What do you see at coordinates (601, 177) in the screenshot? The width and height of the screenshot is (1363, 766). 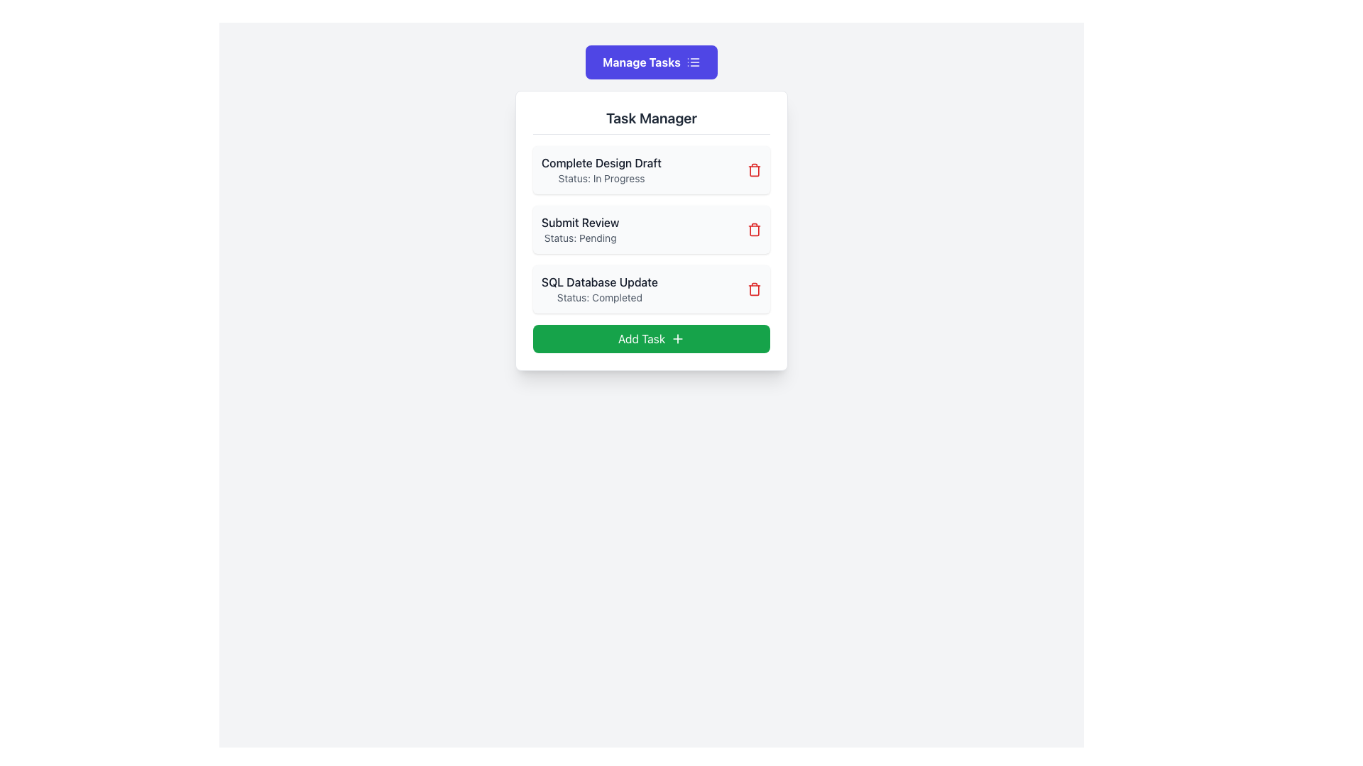 I see `the 'In Progress' text label, which displays the current status of a task within the 'Complete Design Draft' section of the card interface` at bounding box center [601, 177].